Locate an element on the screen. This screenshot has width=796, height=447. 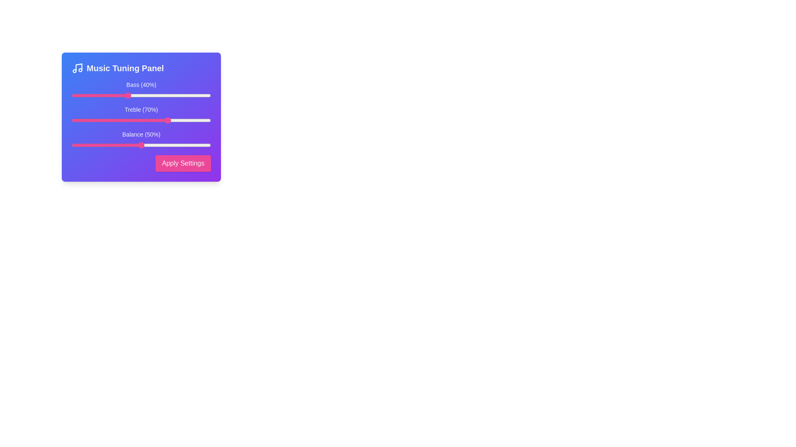
the Treble slider to 7% is located at coordinates (81, 120).